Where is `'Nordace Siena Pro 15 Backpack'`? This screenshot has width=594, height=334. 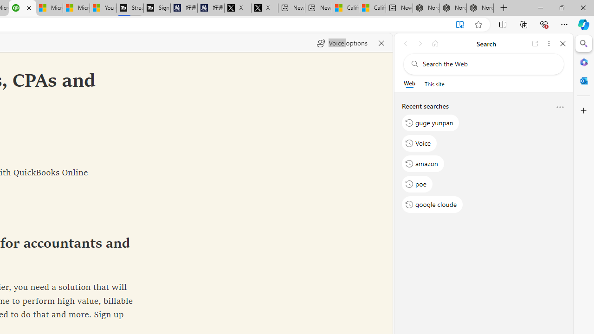 'Nordace Siena Pro 15 Backpack' is located at coordinates (453, 8).